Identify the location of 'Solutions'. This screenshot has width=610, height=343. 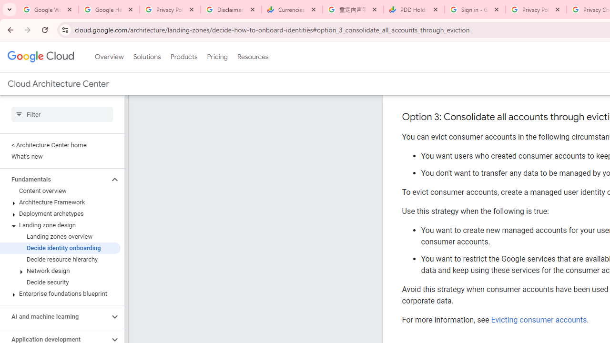
(146, 57).